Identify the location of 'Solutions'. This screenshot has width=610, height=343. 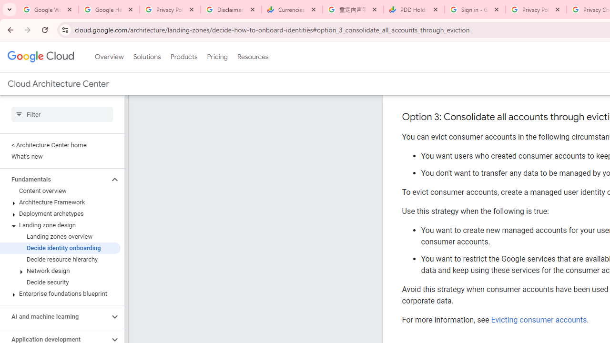
(146, 57).